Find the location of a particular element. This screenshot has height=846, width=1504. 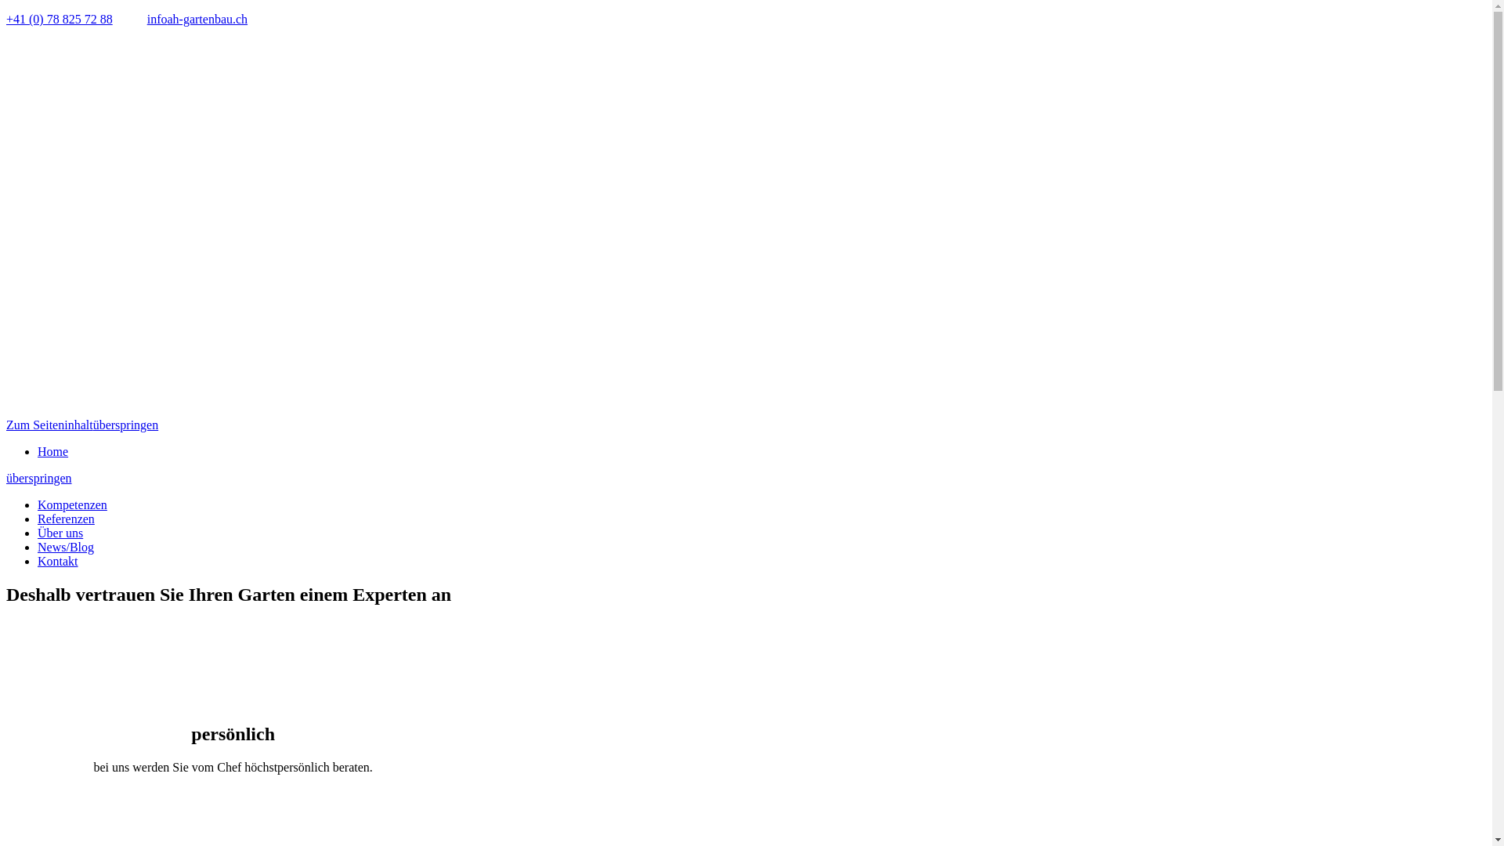

'AH Gartenbau' is located at coordinates (193, 226).